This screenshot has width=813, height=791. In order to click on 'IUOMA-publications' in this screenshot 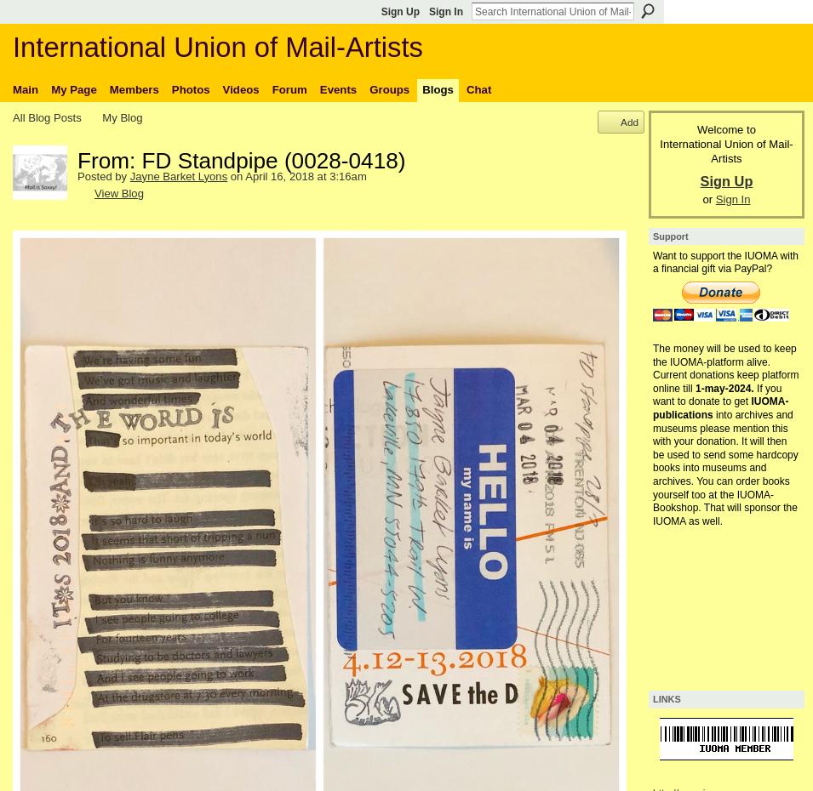, I will do `click(720, 407)`.